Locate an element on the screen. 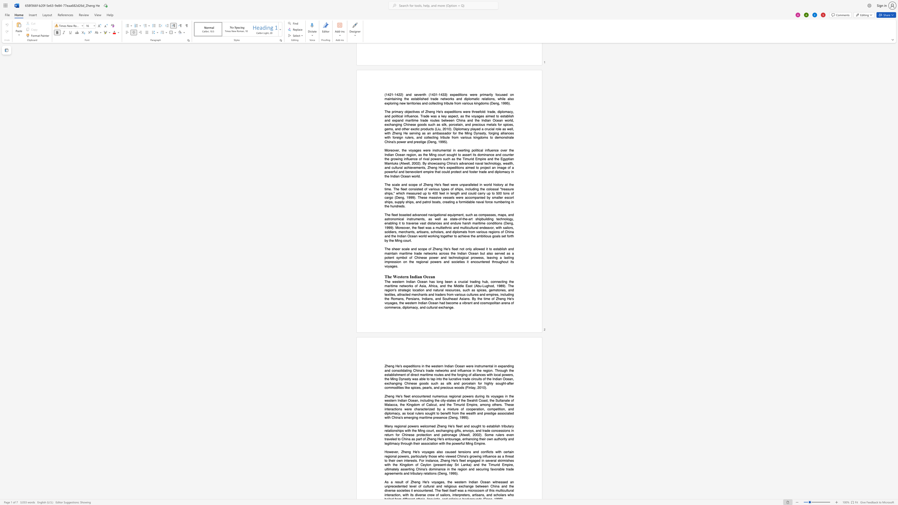 The height and width of the screenshot is (505, 898). the subset text "omed Zheng He" within the text "Many regional powers welcomed Zheng He" is located at coordinates (427, 426).